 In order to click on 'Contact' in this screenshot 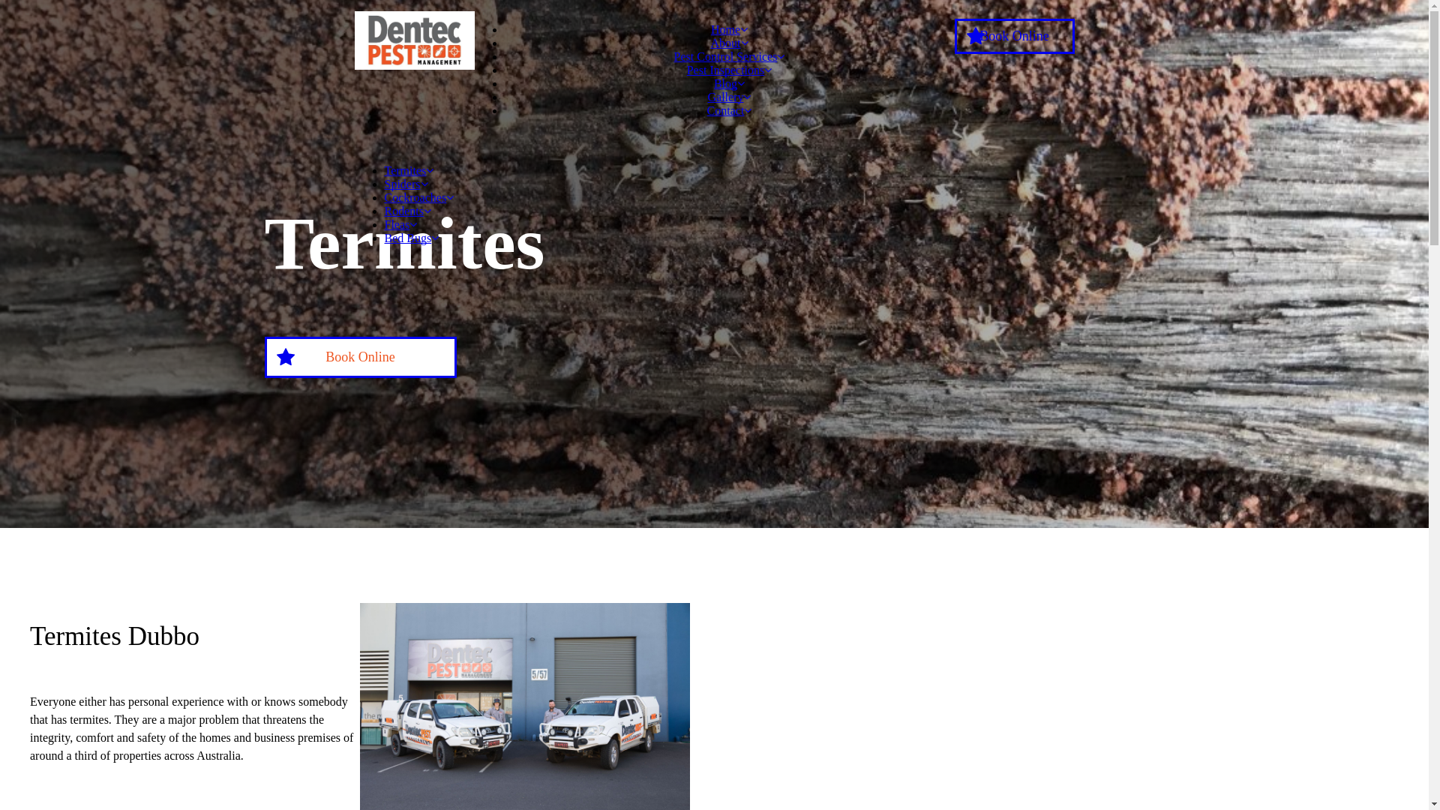, I will do `click(730, 109)`.